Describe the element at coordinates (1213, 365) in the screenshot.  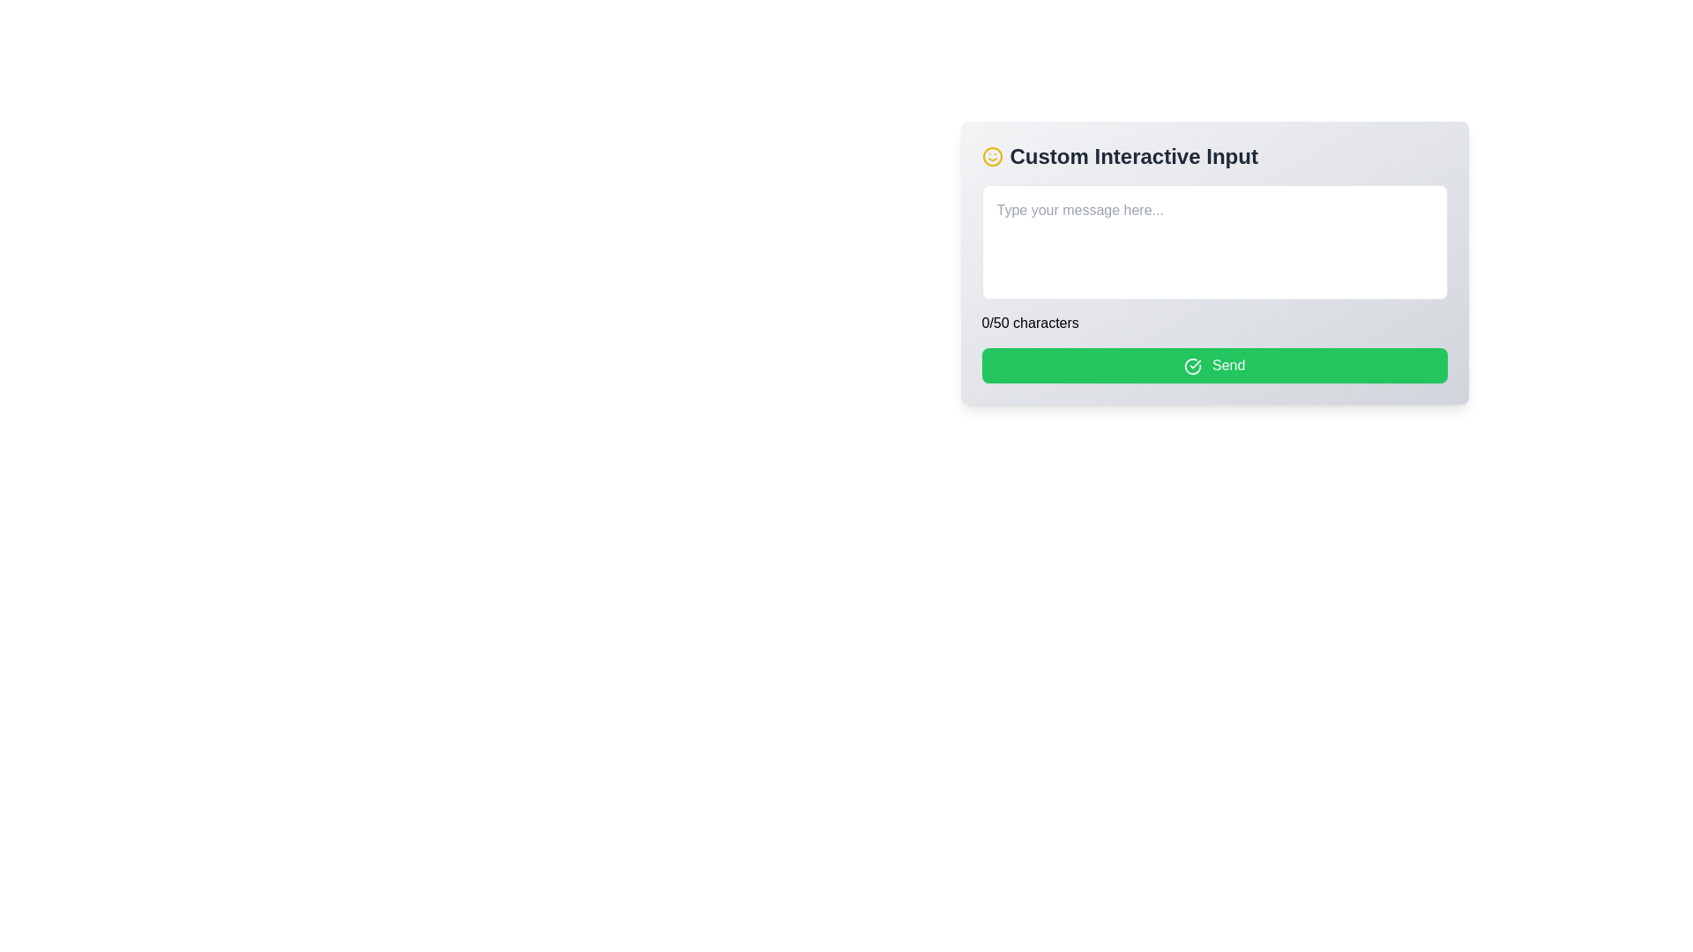
I see `the green 'Send' button with white text and a check icon to change its color` at that location.